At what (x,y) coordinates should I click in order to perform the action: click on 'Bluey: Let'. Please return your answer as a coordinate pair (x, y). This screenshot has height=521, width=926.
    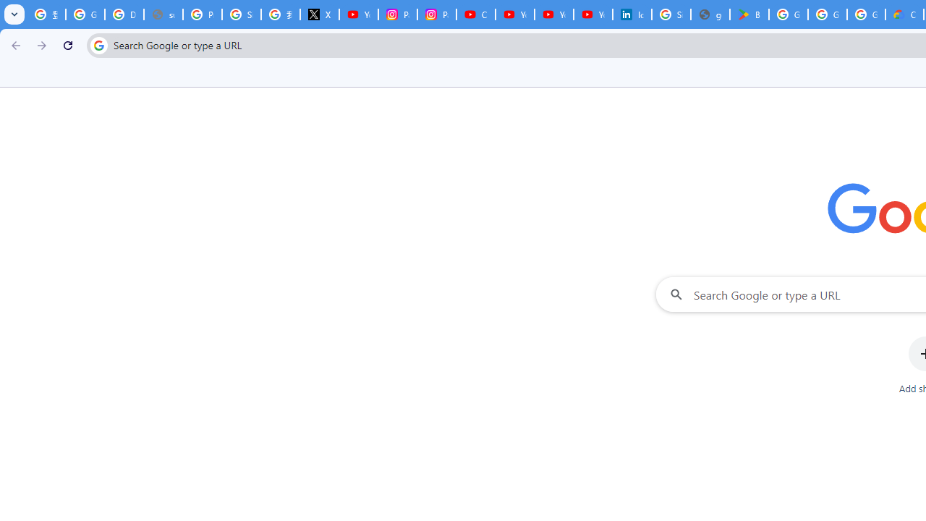
    Looking at the image, I should click on (749, 14).